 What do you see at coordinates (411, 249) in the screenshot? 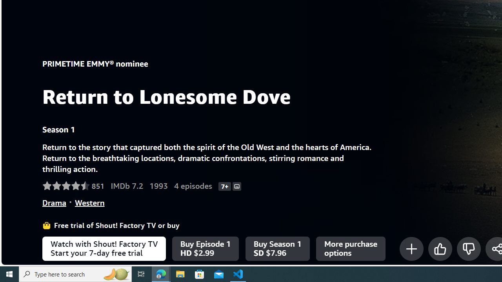
I see `'Add to Watchlist'` at bounding box center [411, 249].